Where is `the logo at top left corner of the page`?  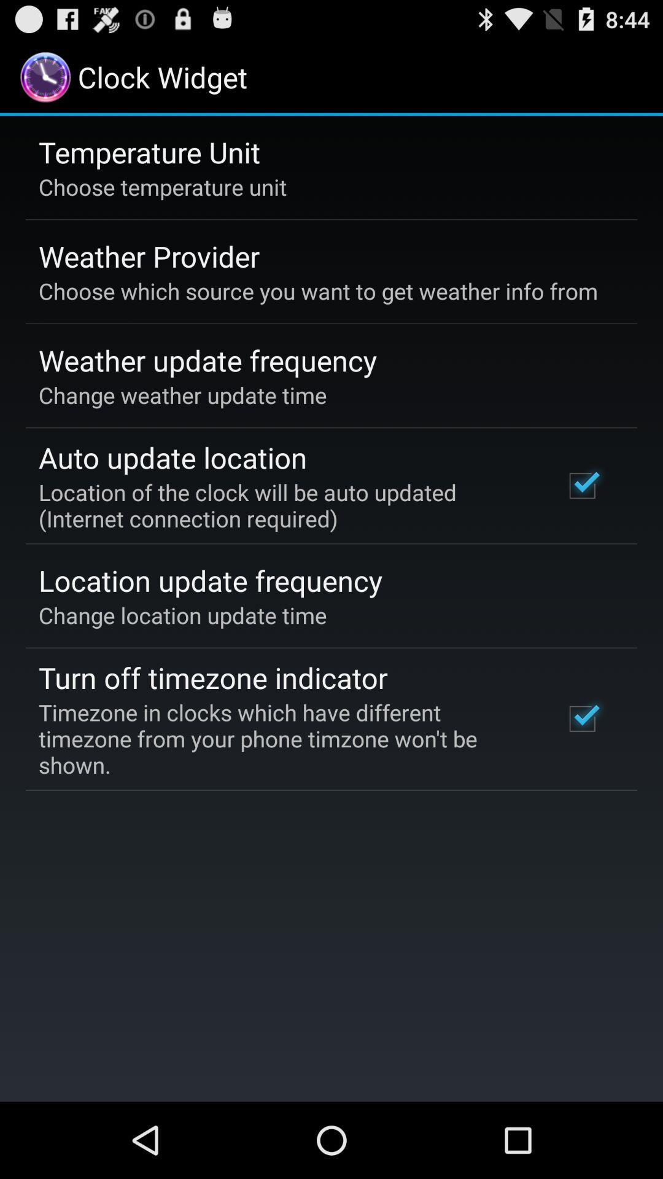
the logo at top left corner of the page is located at coordinates (44, 76).